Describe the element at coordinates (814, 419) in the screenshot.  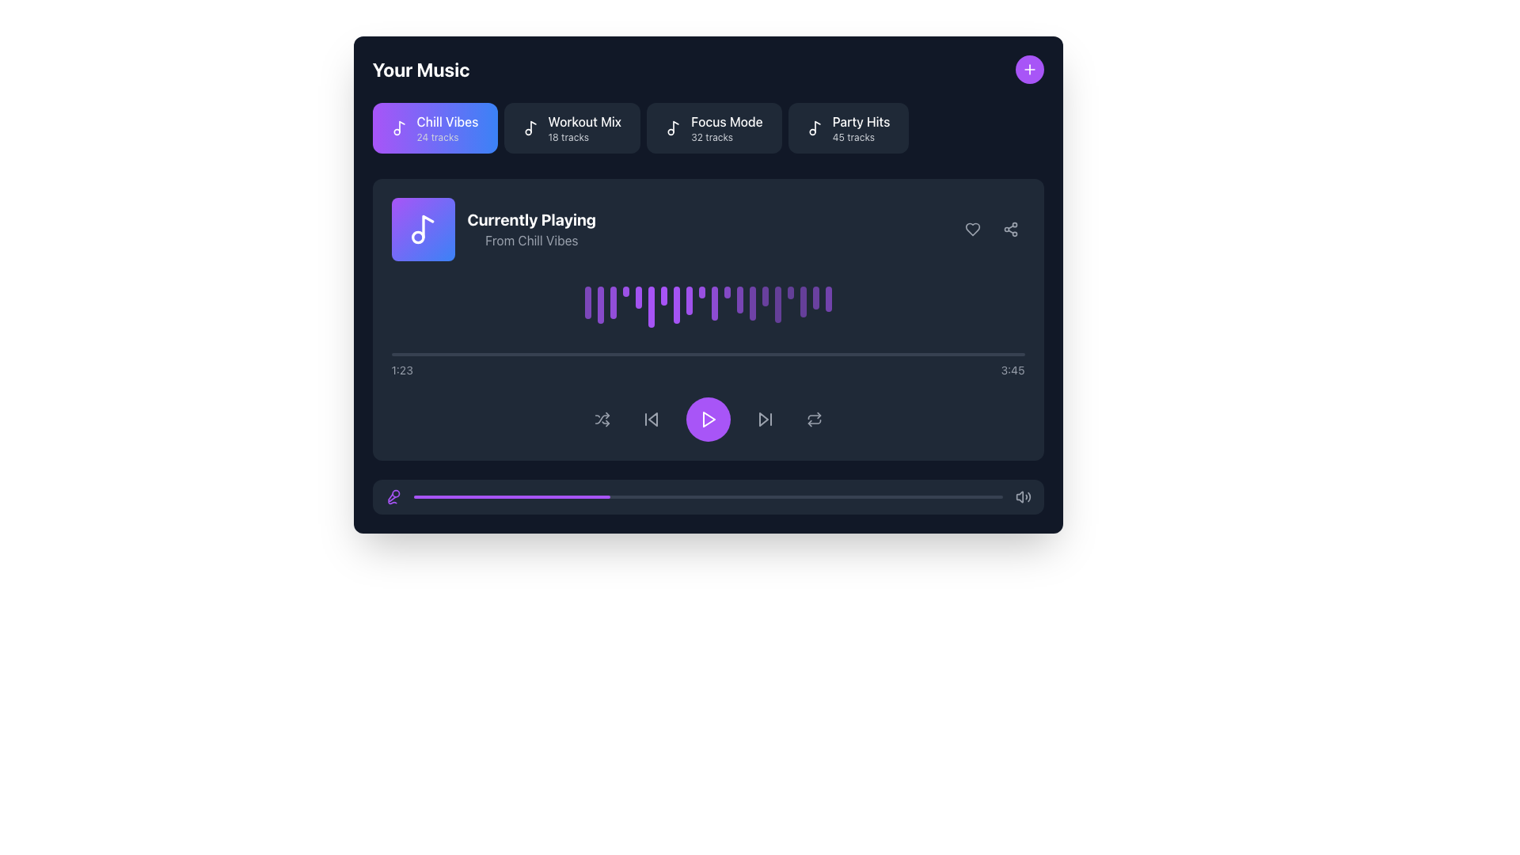
I see `the repeat button located at the right-hand side of the media playback control bar` at that location.